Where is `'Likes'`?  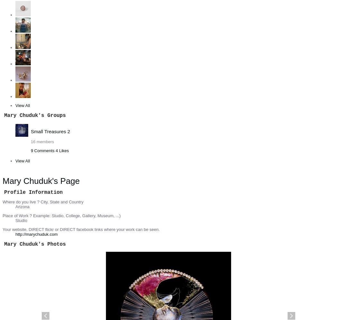 'Likes' is located at coordinates (63, 150).